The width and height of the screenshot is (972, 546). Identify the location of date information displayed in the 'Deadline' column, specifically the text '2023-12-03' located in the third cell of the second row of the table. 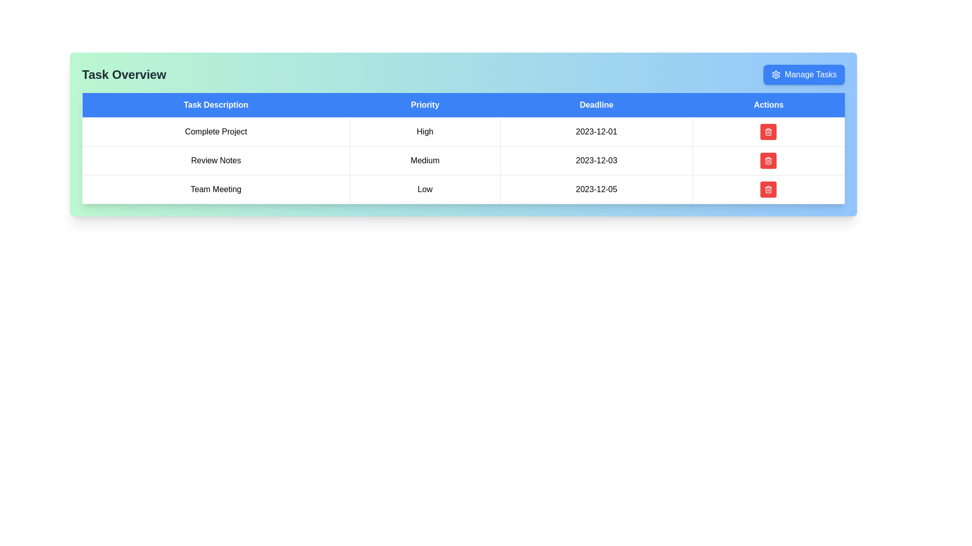
(596, 160).